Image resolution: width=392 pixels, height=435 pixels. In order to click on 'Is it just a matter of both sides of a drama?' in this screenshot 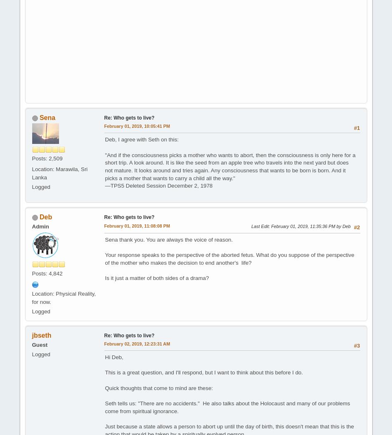, I will do `click(156, 277)`.